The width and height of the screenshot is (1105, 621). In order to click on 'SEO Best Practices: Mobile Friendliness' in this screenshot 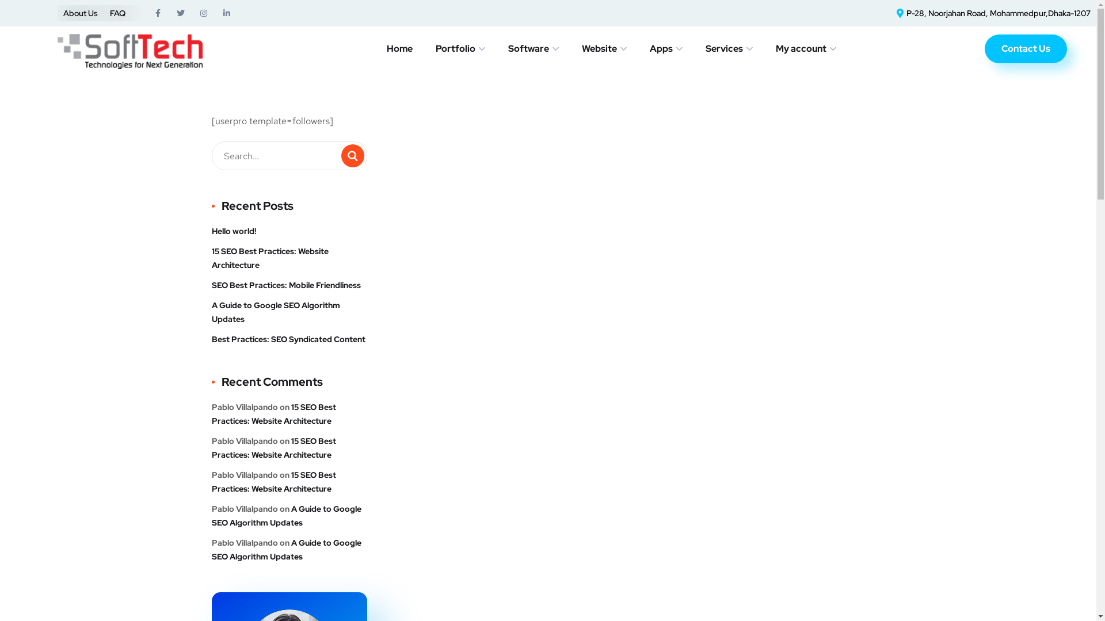, I will do `click(212, 285)`.